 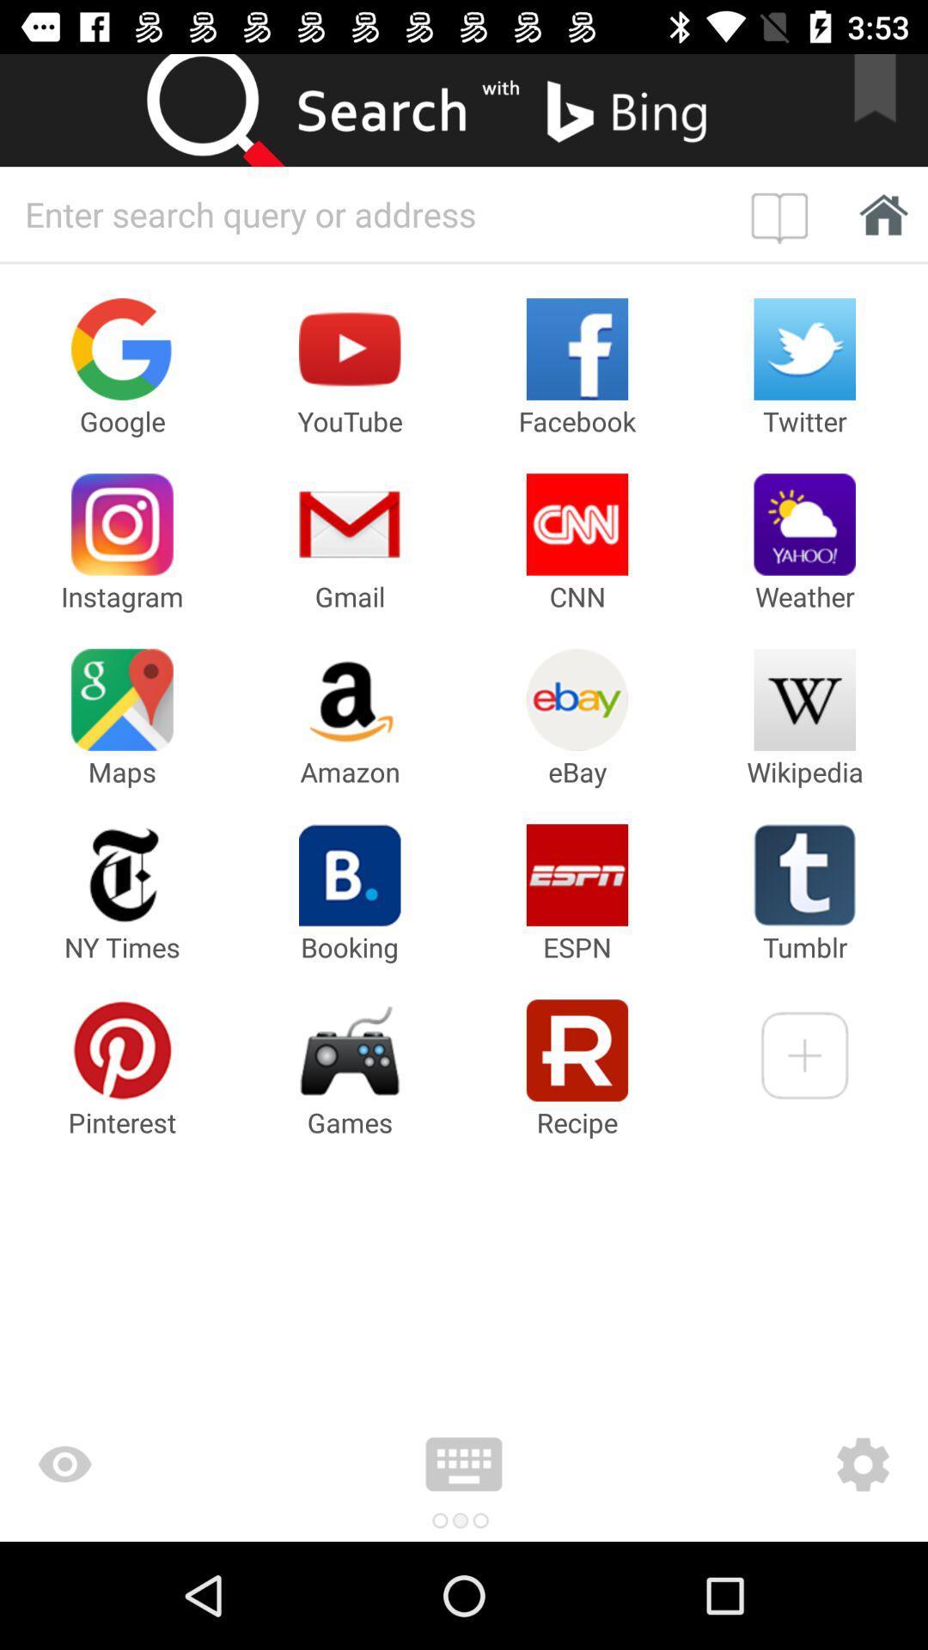 I want to click on icon at the bottom right corner, so click(x=760, y=1464).